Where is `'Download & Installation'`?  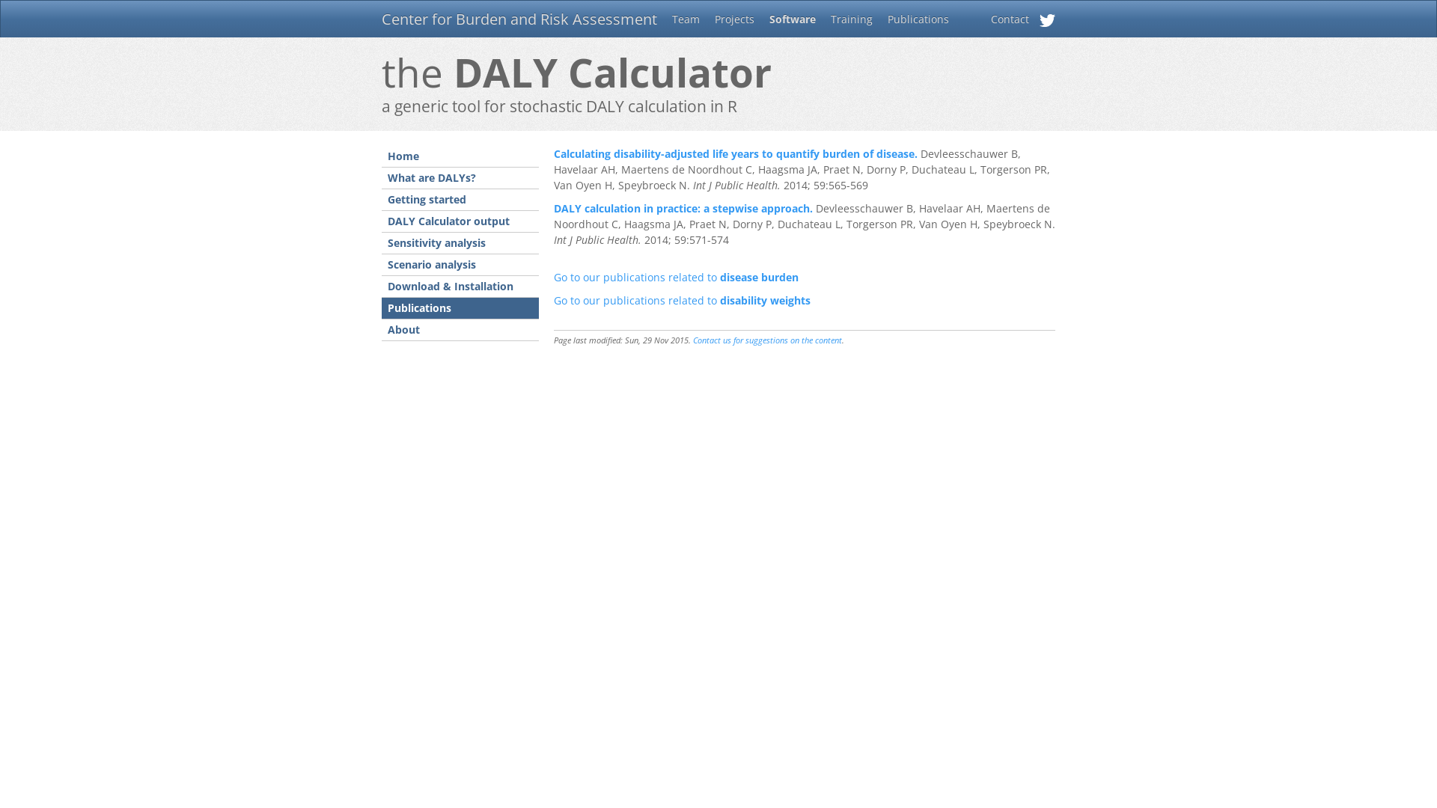
'Download & Installation' is located at coordinates (459, 287).